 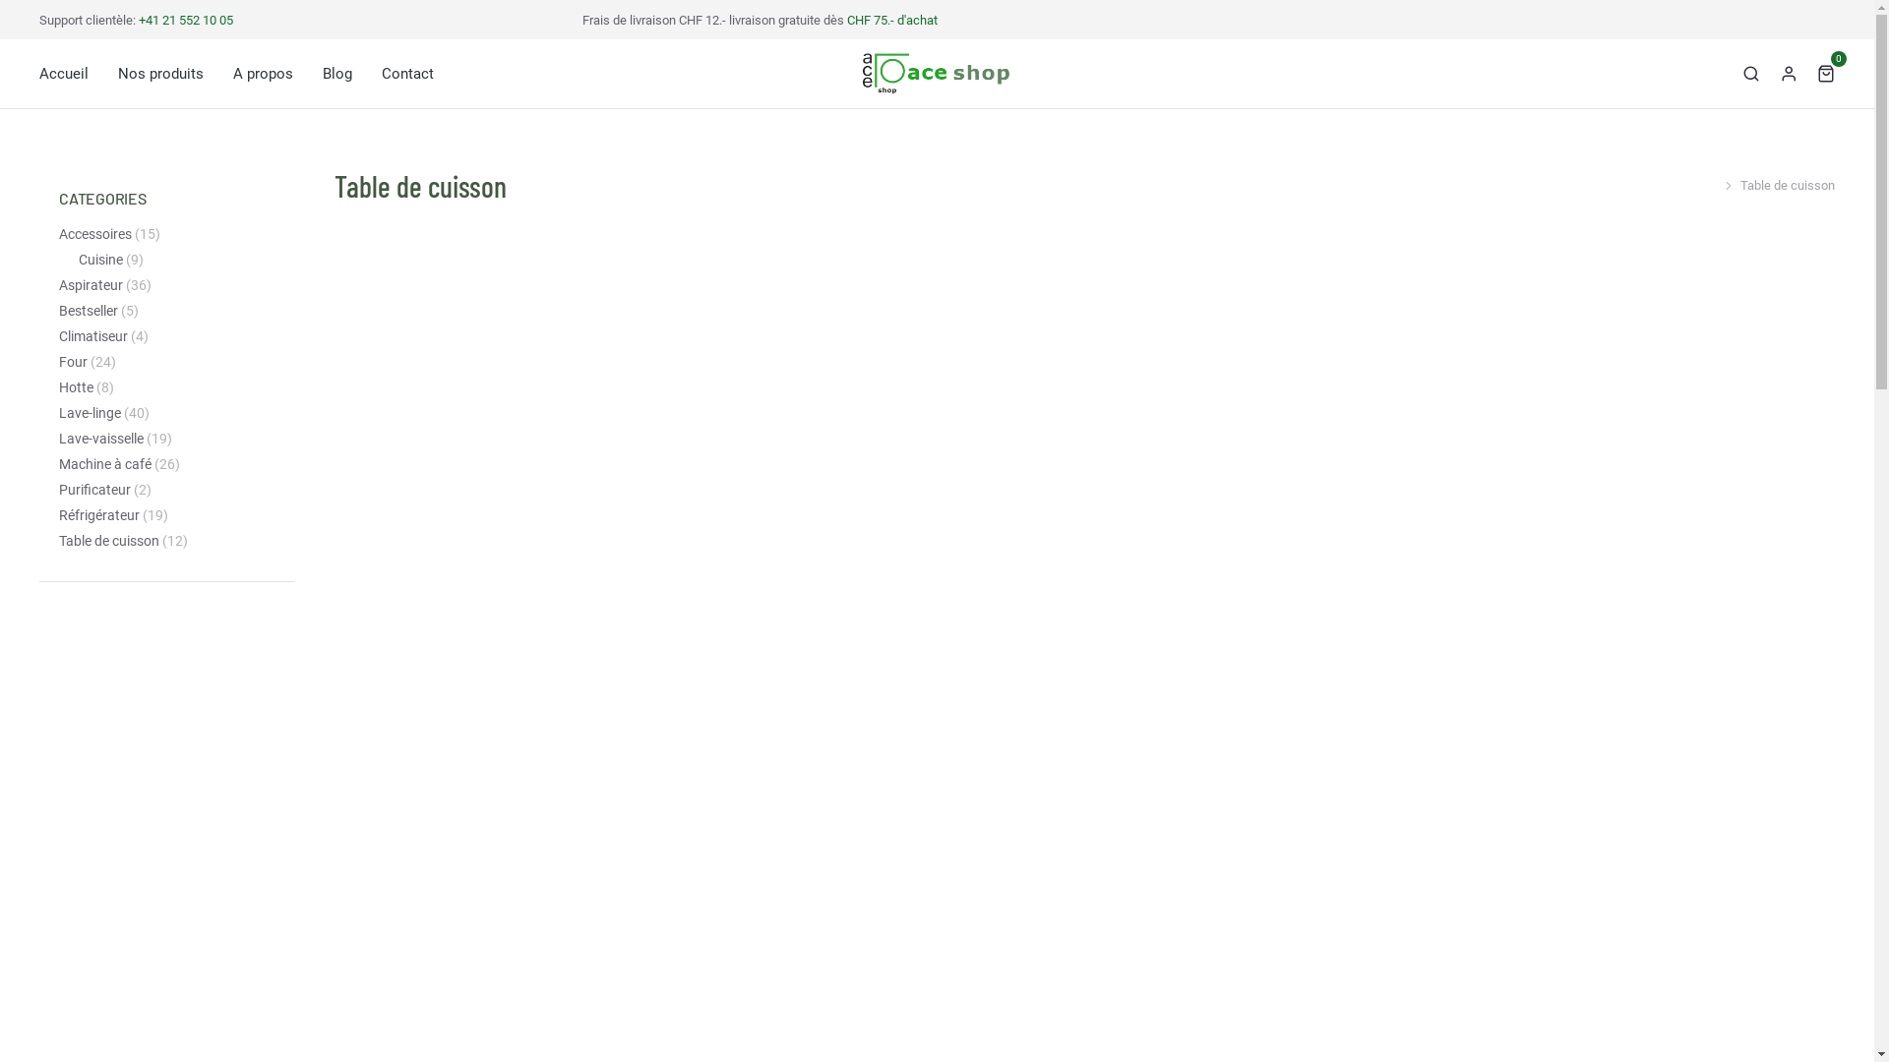 What do you see at coordinates (89, 412) in the screenshot?
I see `'Lave-linge'` at bounding box center [89, 412].